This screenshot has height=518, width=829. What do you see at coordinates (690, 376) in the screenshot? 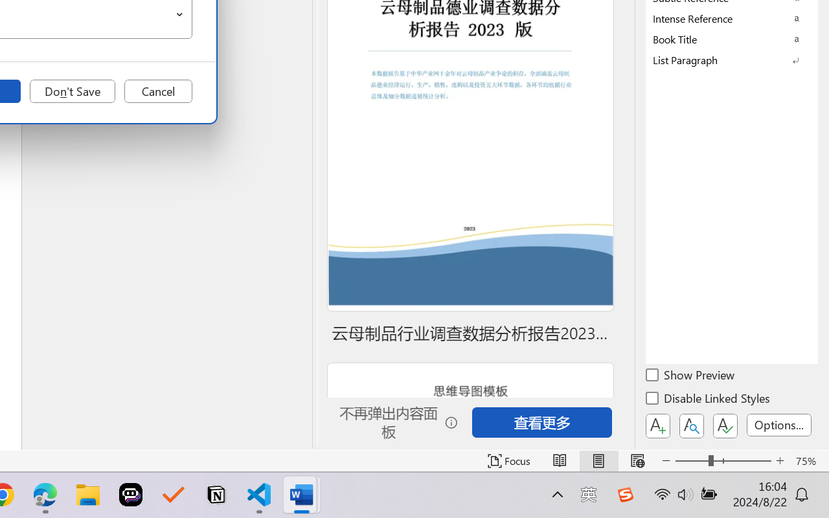
I see `'Show Preview'` at bounding box center [690, 376].